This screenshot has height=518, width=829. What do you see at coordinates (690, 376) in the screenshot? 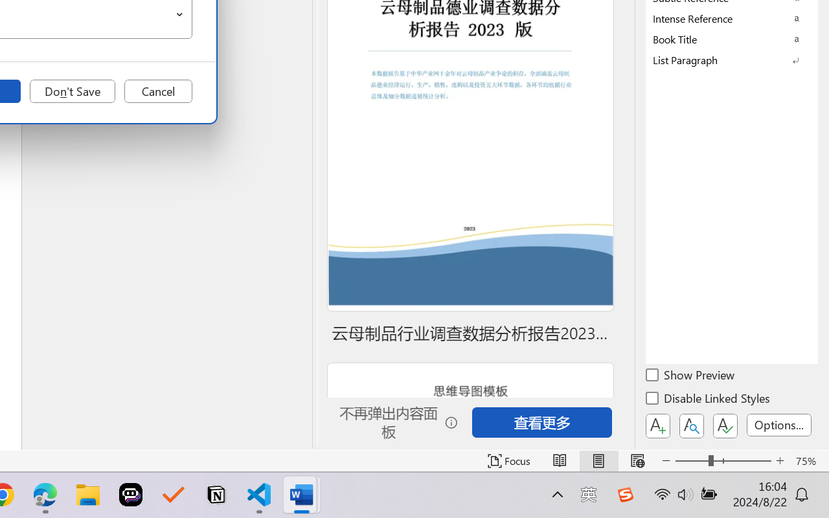
I see `'Show Preview'` at bounding box center [690, 376].